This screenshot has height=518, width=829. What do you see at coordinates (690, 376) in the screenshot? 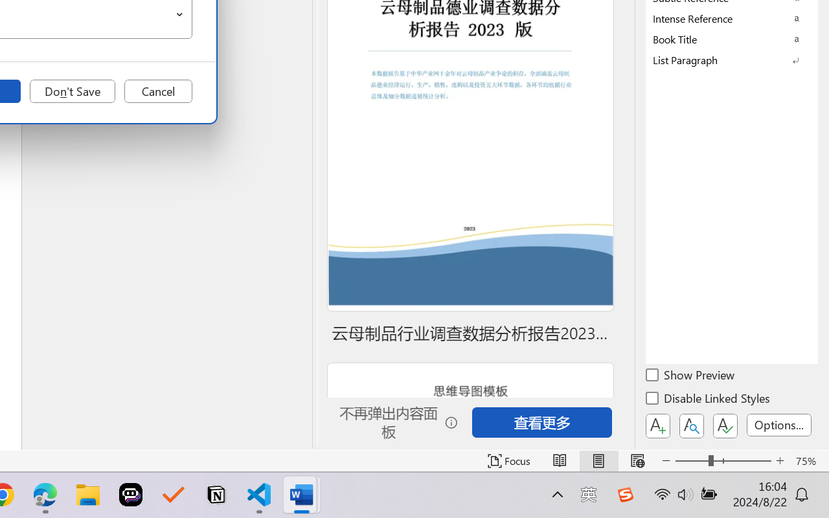
I see `'Show Preview'` at bounding box center [690, 376].